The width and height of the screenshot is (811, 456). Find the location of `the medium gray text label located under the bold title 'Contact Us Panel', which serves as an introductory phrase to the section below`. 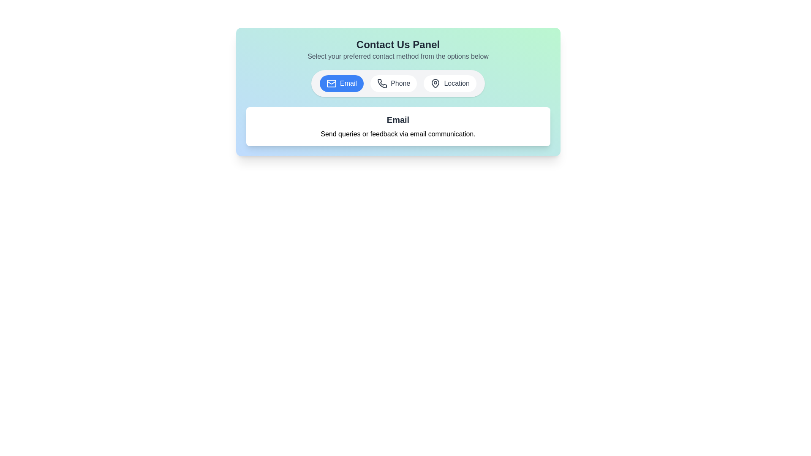

the medium gray text label located under the bold title 'Contact Us Panel', which serves as an introductory phrase to the section below is located at coordinates (397, 57).